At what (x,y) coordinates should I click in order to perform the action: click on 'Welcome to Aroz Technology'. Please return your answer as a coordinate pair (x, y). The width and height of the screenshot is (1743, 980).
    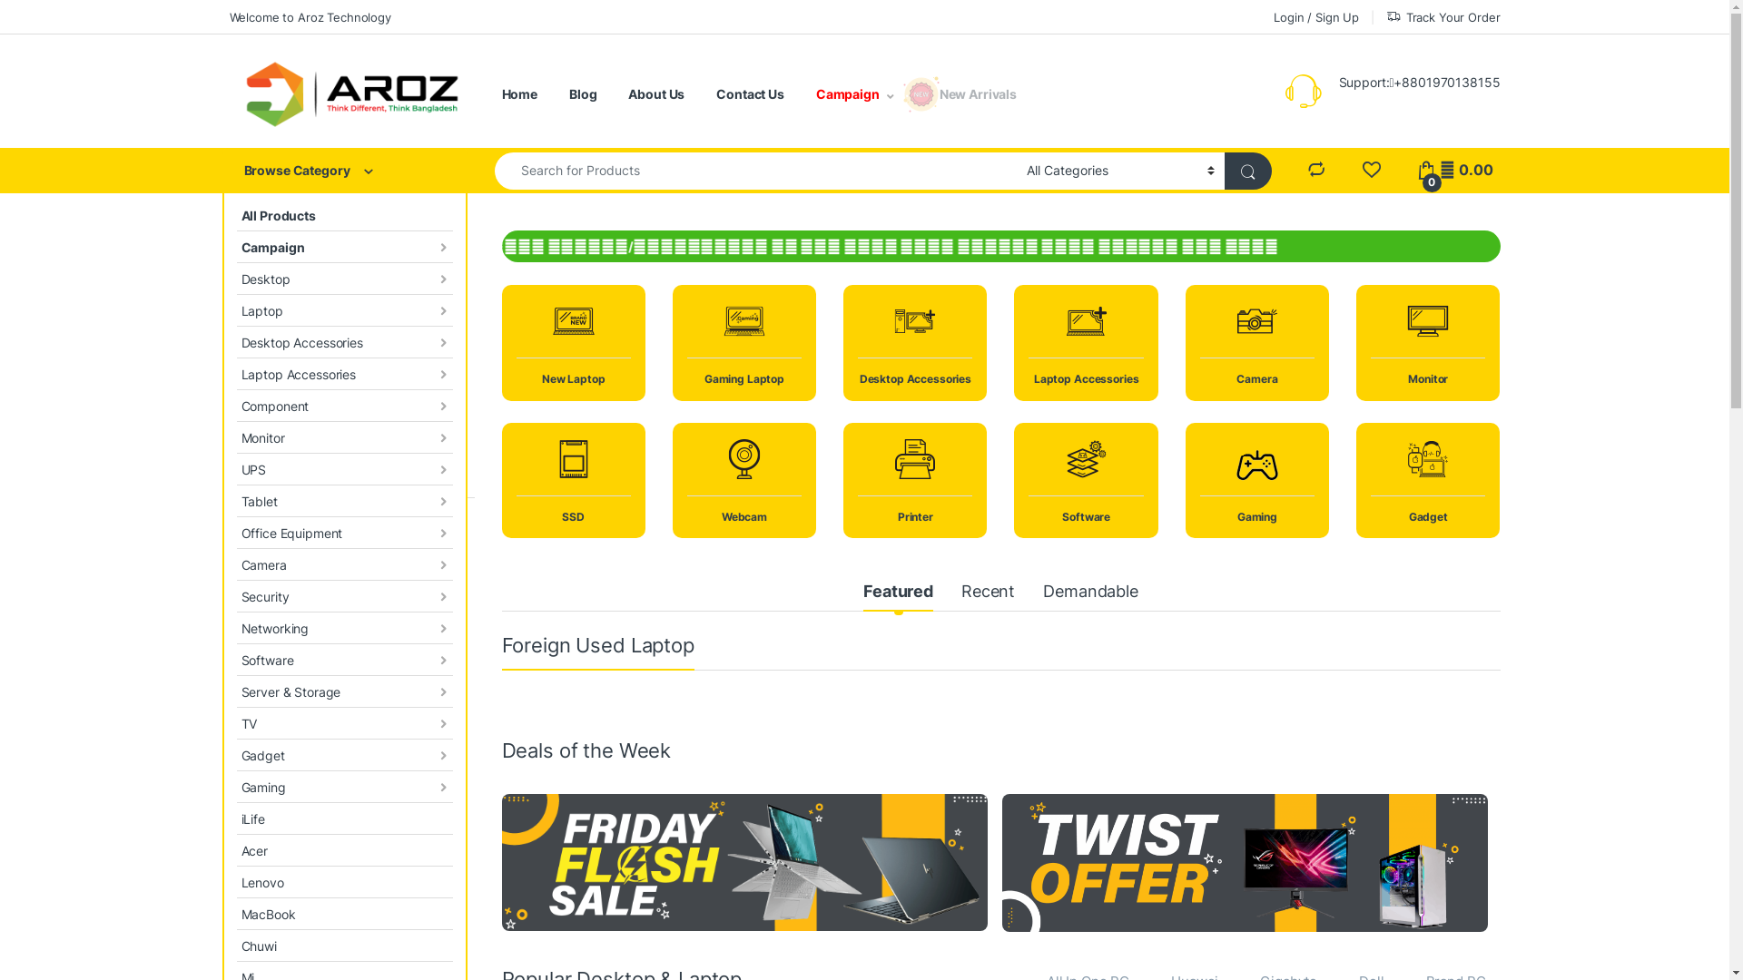
    Looking at the image, I should click on (309, 16).